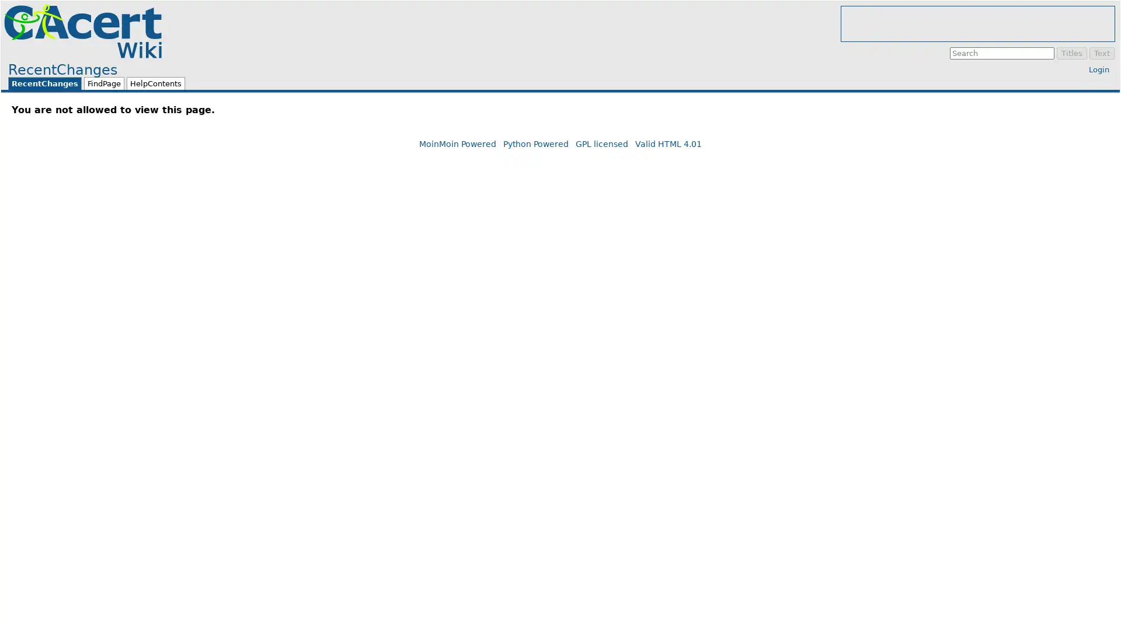  I want to click on Titles, so click(1072, 53).